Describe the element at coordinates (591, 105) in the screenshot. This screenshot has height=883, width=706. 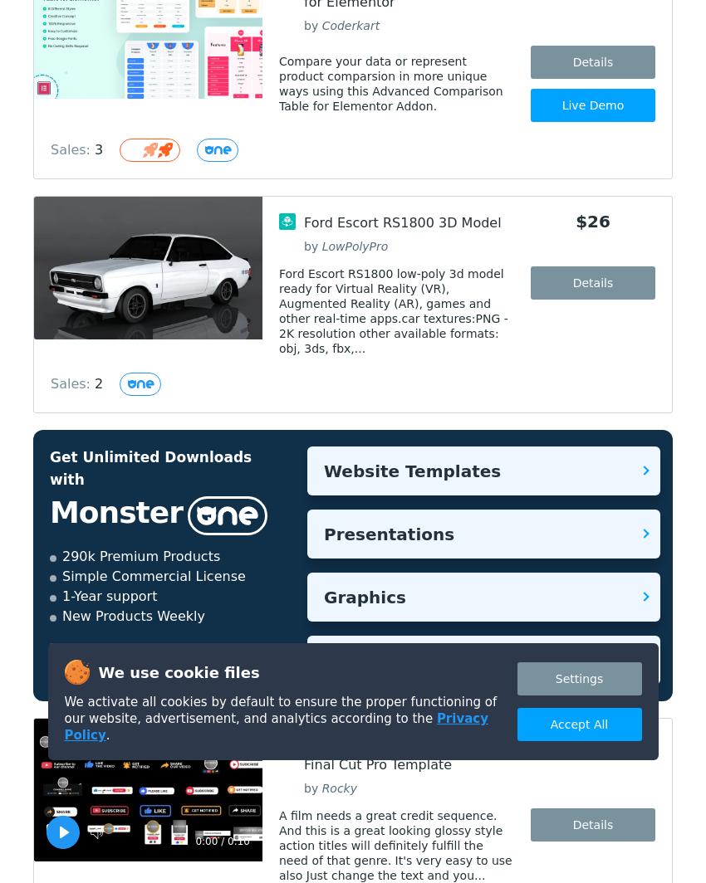
I see `'Live Demo'` at that location.